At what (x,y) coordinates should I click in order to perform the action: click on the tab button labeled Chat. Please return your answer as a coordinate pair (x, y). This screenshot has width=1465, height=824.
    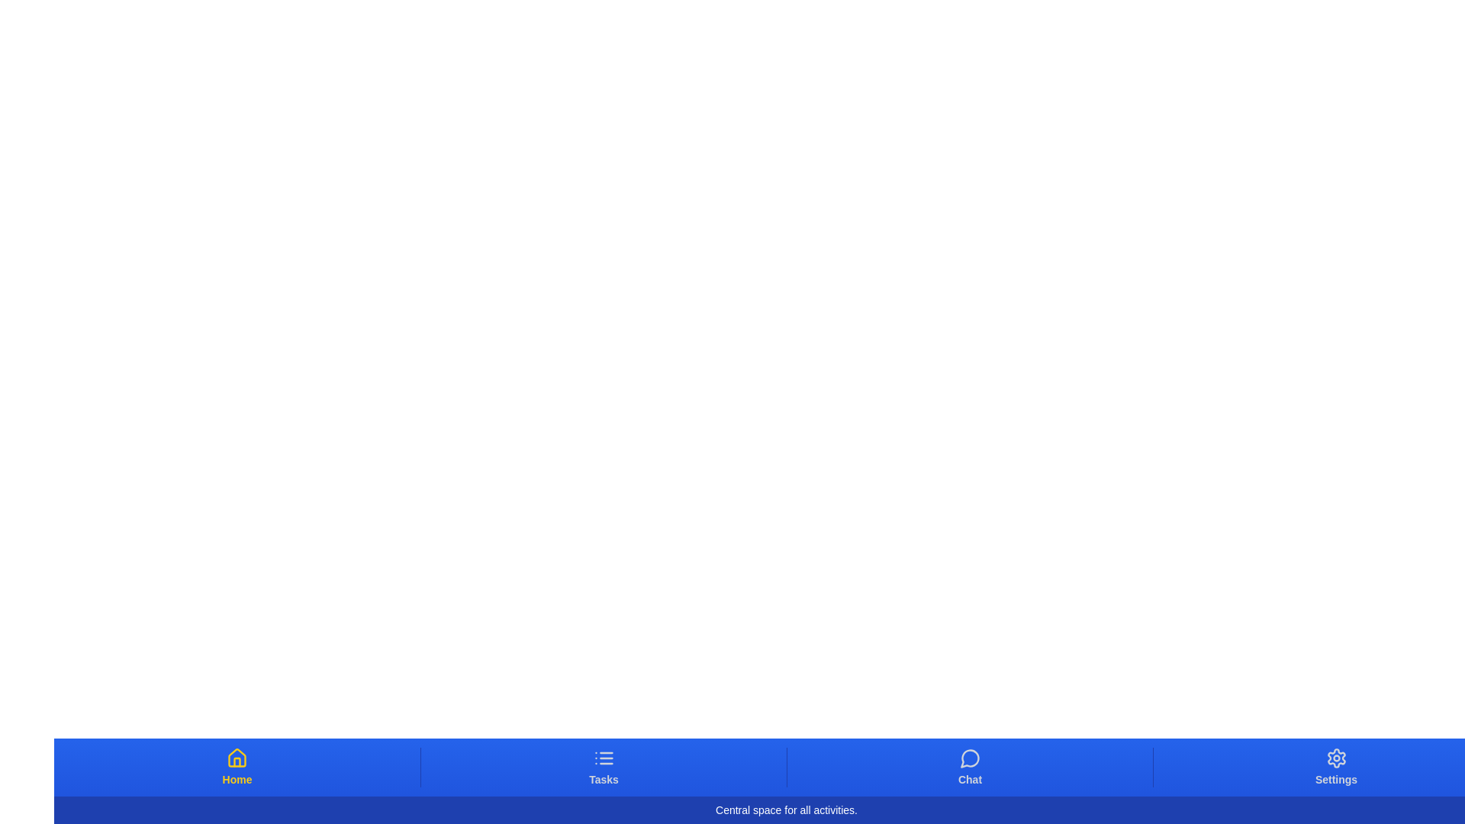
    Looking at the image, I should click on (969, 768).